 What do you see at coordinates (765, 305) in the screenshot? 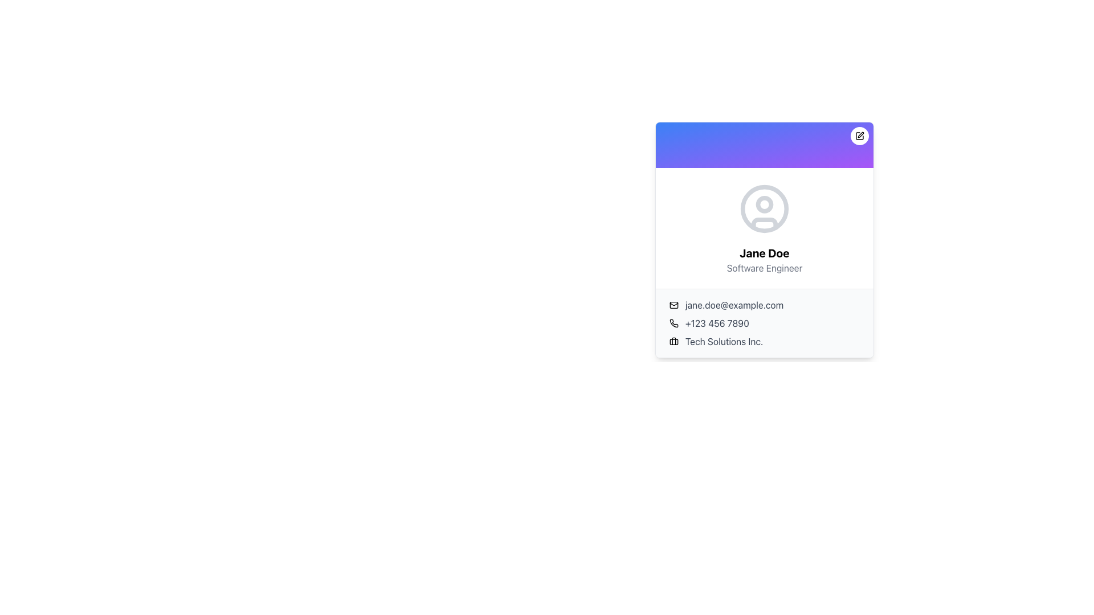
I see `the Text with Icon element displaying the user's email address, located in the contact details section of the profile card` at bounding box center [765, 305].